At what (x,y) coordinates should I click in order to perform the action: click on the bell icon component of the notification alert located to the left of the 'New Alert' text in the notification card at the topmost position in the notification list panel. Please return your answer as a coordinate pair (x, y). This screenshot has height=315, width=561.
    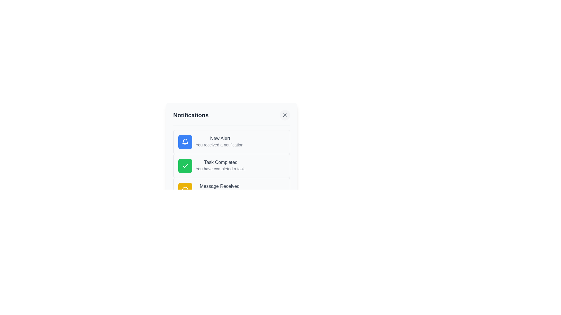
    Looking at the image, I should click on (185, 141).